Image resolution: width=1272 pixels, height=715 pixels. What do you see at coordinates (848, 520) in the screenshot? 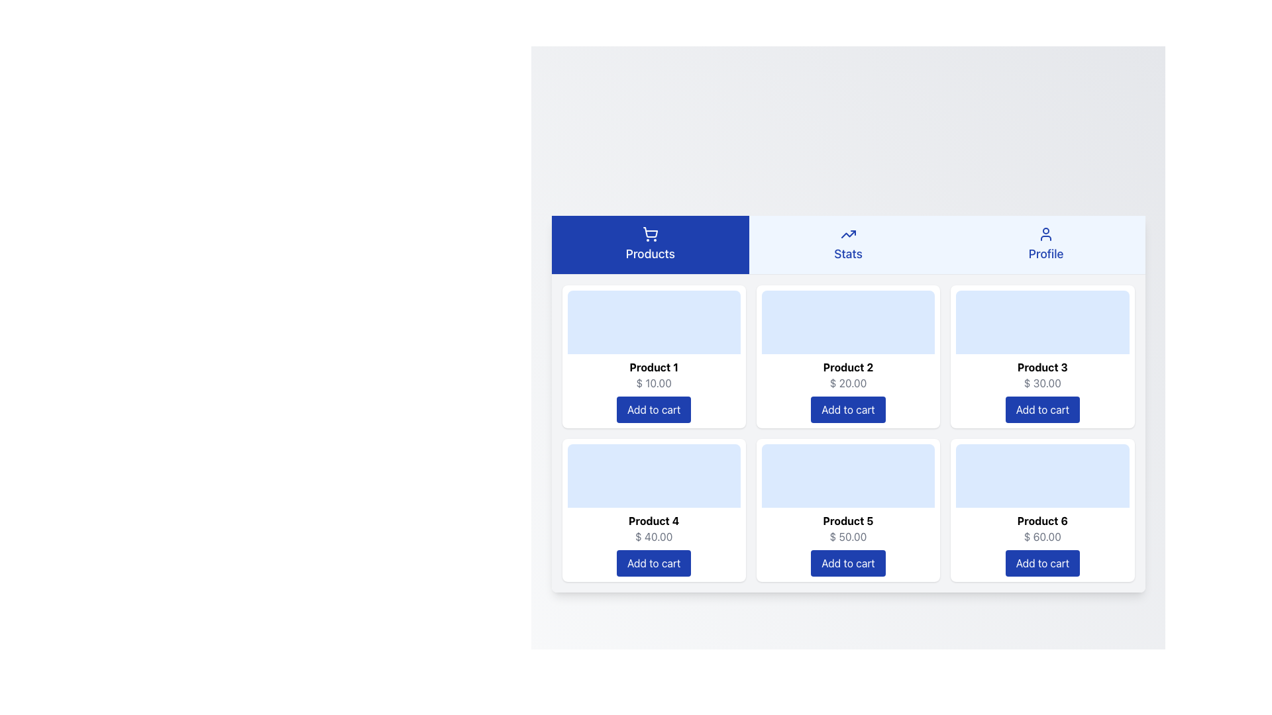
I see `bold text label displaying the name 'Product 5', which is prominently positioned at the top half of the product card, below the product image and above the price text` at bounding box center [848, 520].